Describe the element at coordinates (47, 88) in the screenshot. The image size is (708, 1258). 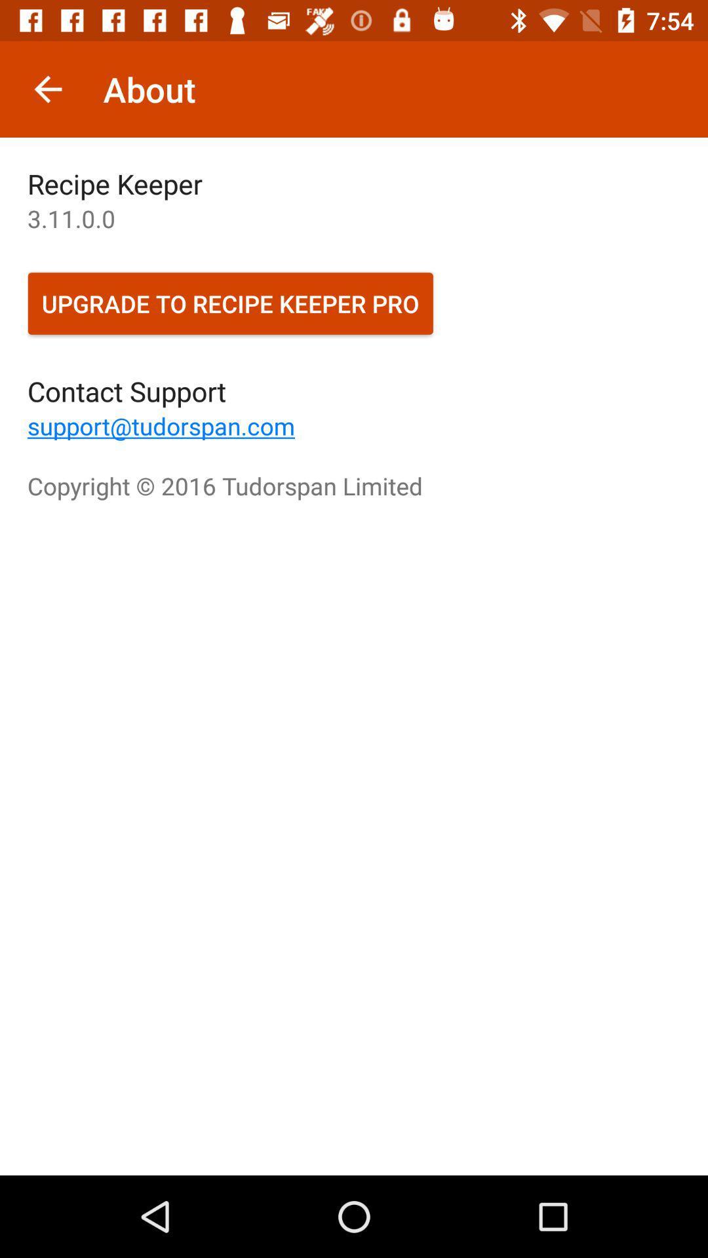
I see `icon above recipe keeper` at that location.